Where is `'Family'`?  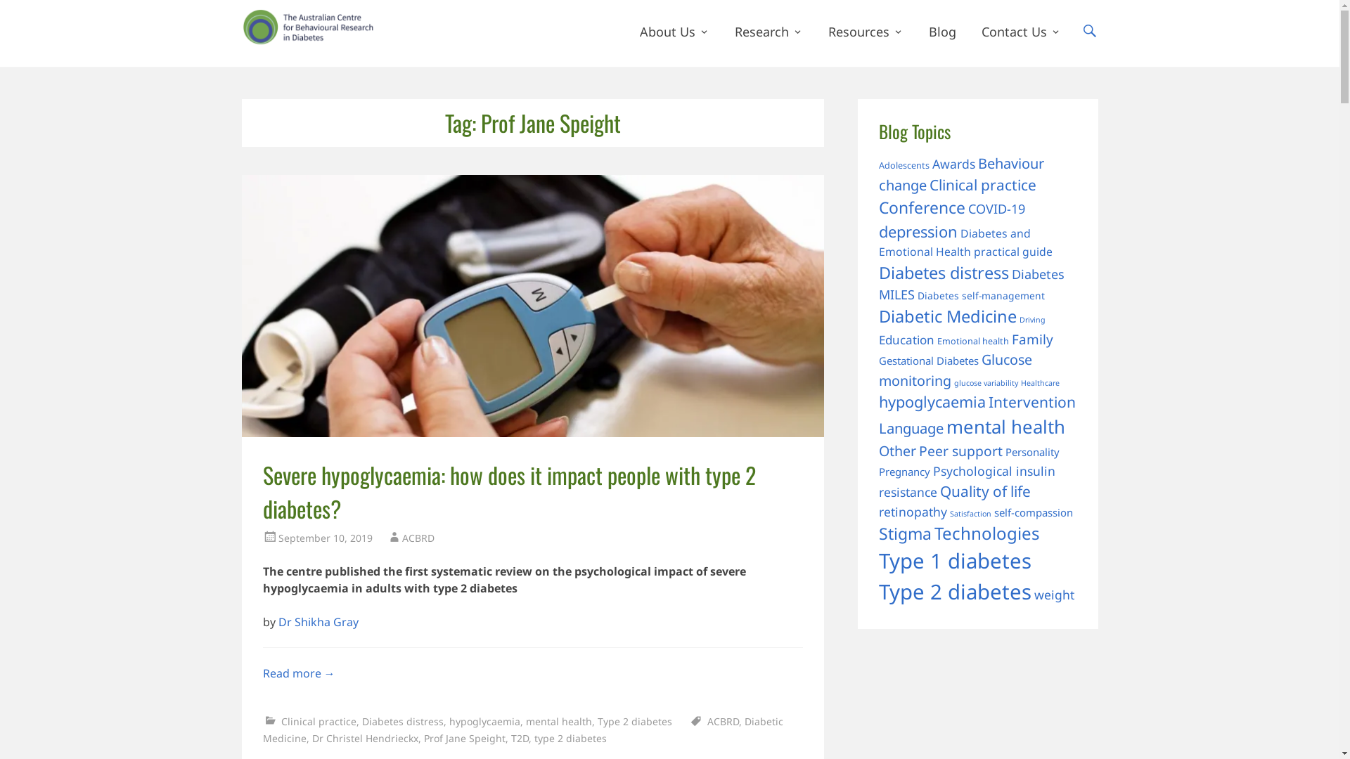 'Family' is located at coordinates (1032, 339).